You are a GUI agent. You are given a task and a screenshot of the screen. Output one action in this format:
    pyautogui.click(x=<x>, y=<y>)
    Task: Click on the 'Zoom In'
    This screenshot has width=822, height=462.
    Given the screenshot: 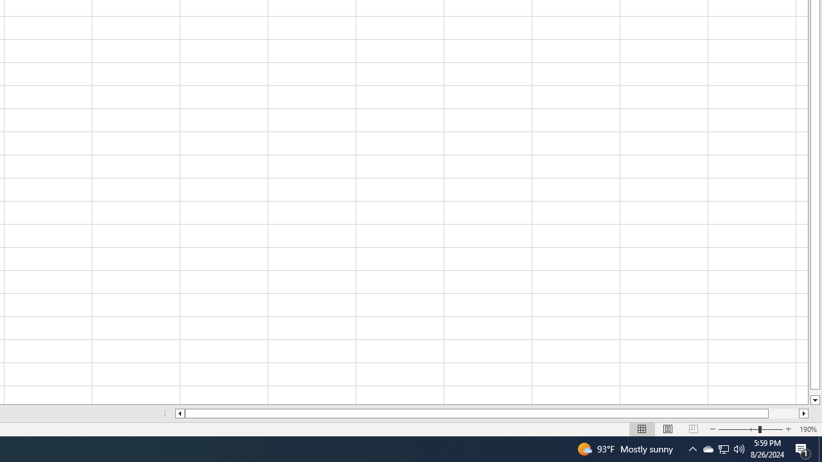 What is the action you would take?
    pyautogui.click(x=787, y=429)
    